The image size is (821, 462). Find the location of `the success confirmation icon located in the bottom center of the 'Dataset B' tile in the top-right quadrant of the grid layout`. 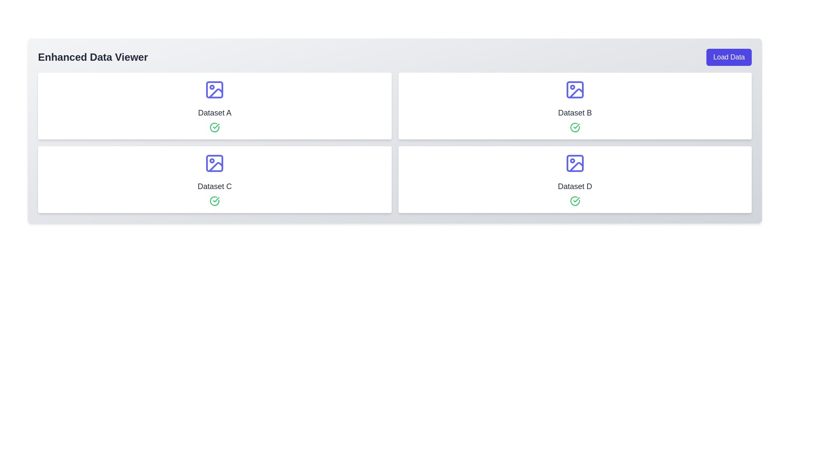

the success confirmation icon located in the bottom center of the 'Dataset B' tile in the top-right quadrant of the grid layout is located at coordinates (576, 126).